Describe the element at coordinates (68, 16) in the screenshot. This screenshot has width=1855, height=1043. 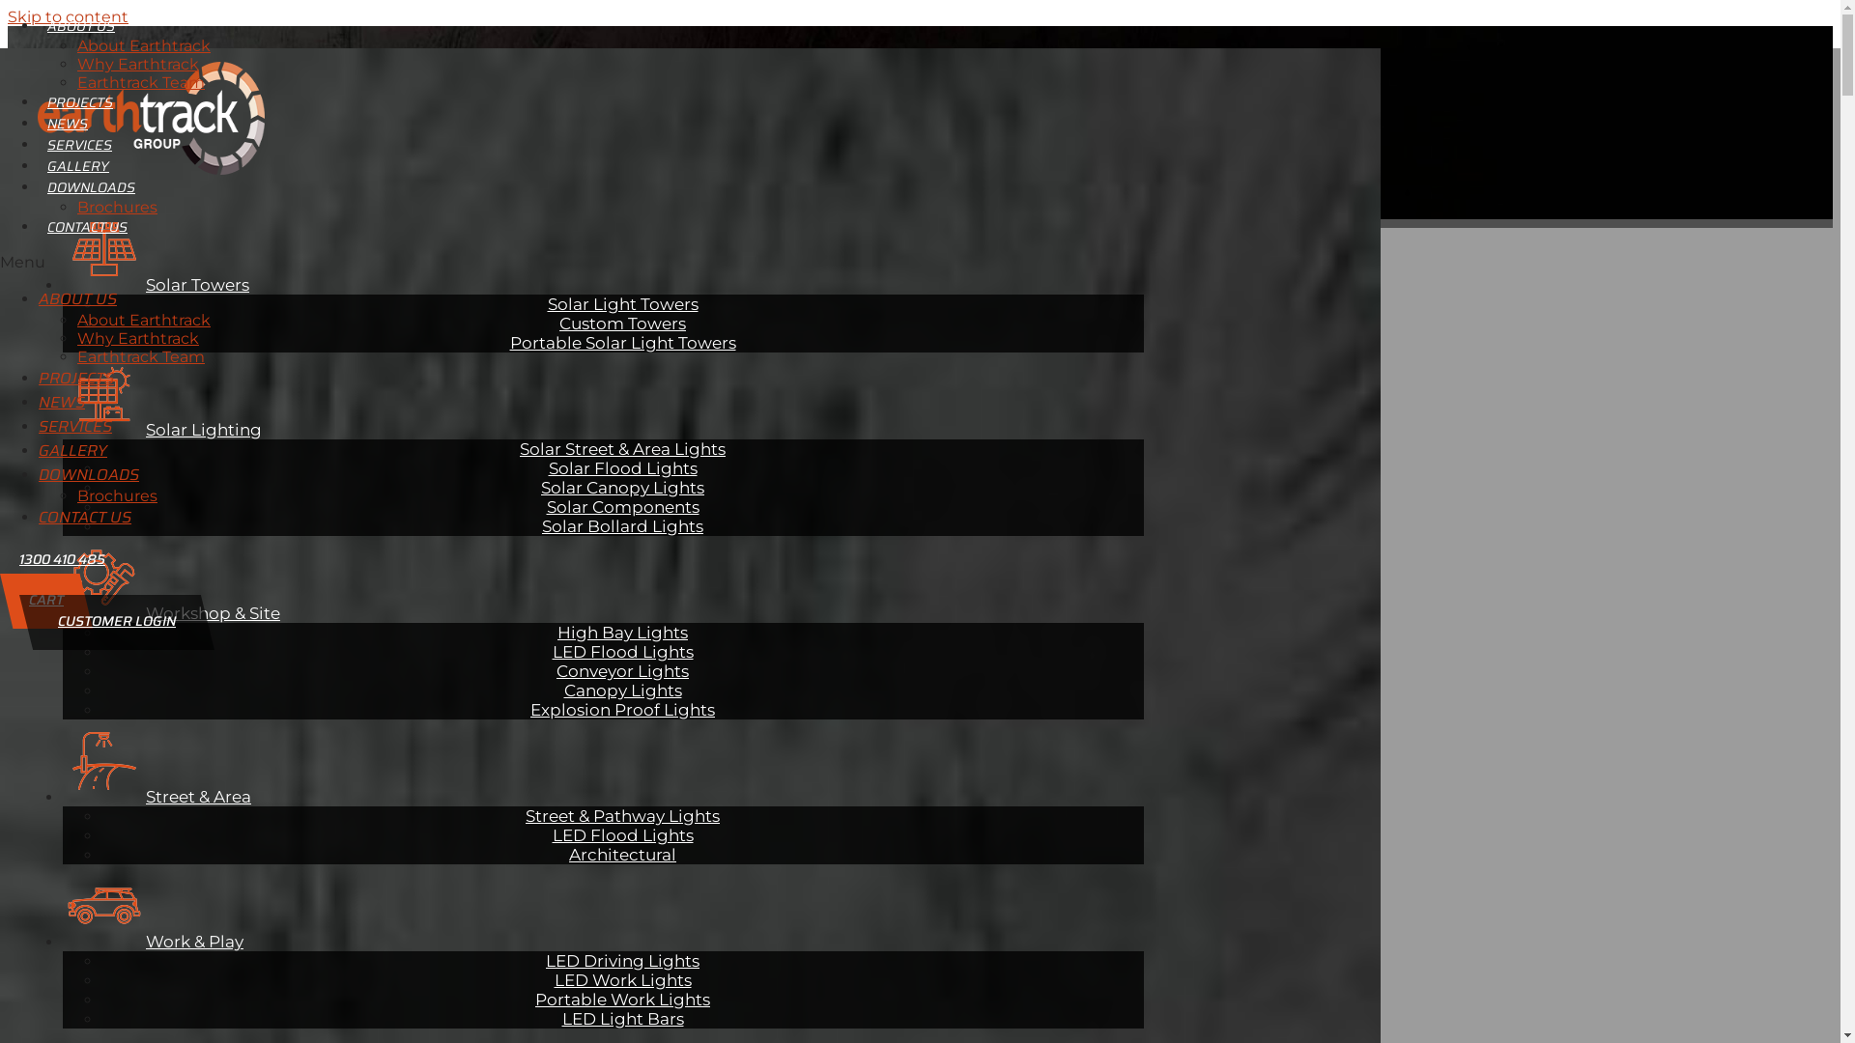
I see `'Skip to content'` at that location.